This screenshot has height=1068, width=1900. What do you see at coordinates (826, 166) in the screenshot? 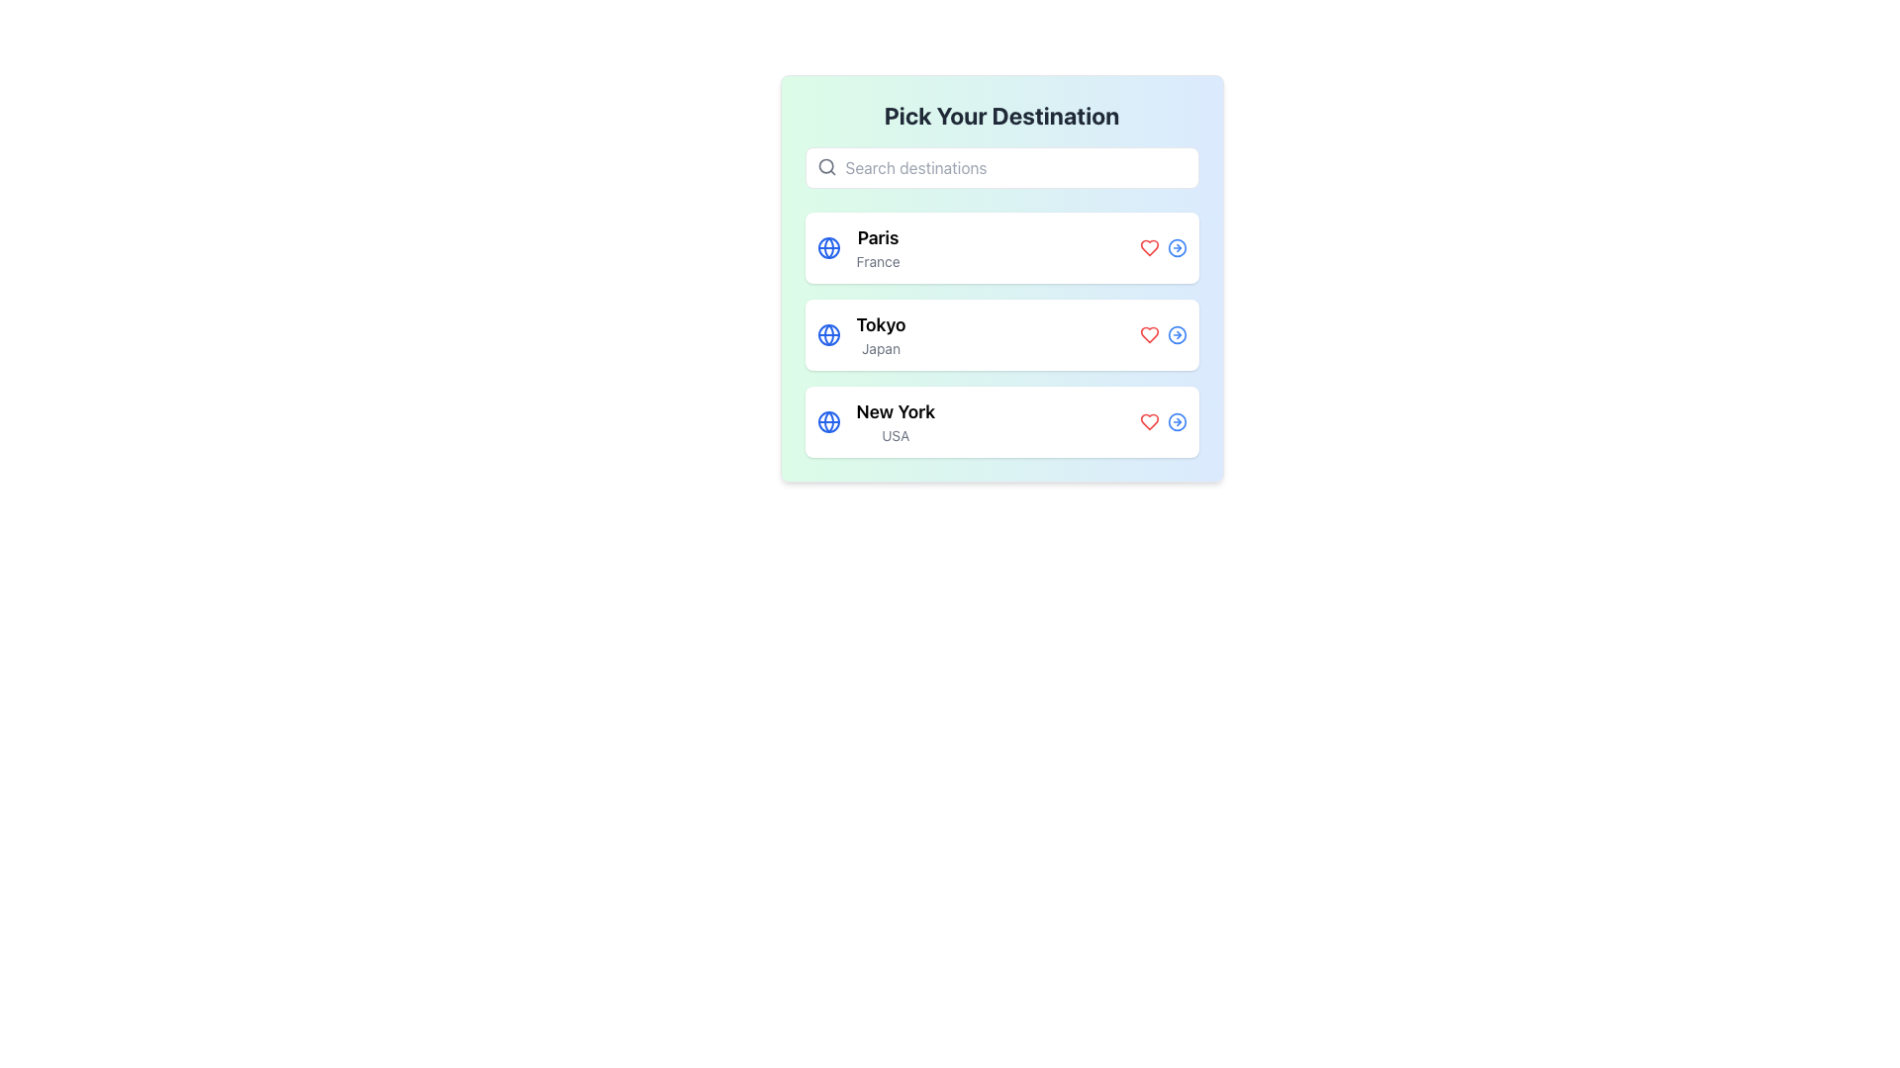
I see `the magnifying glass icon located inside the search bar to the far left, triggering the search function` at bounding box center [826, 166].